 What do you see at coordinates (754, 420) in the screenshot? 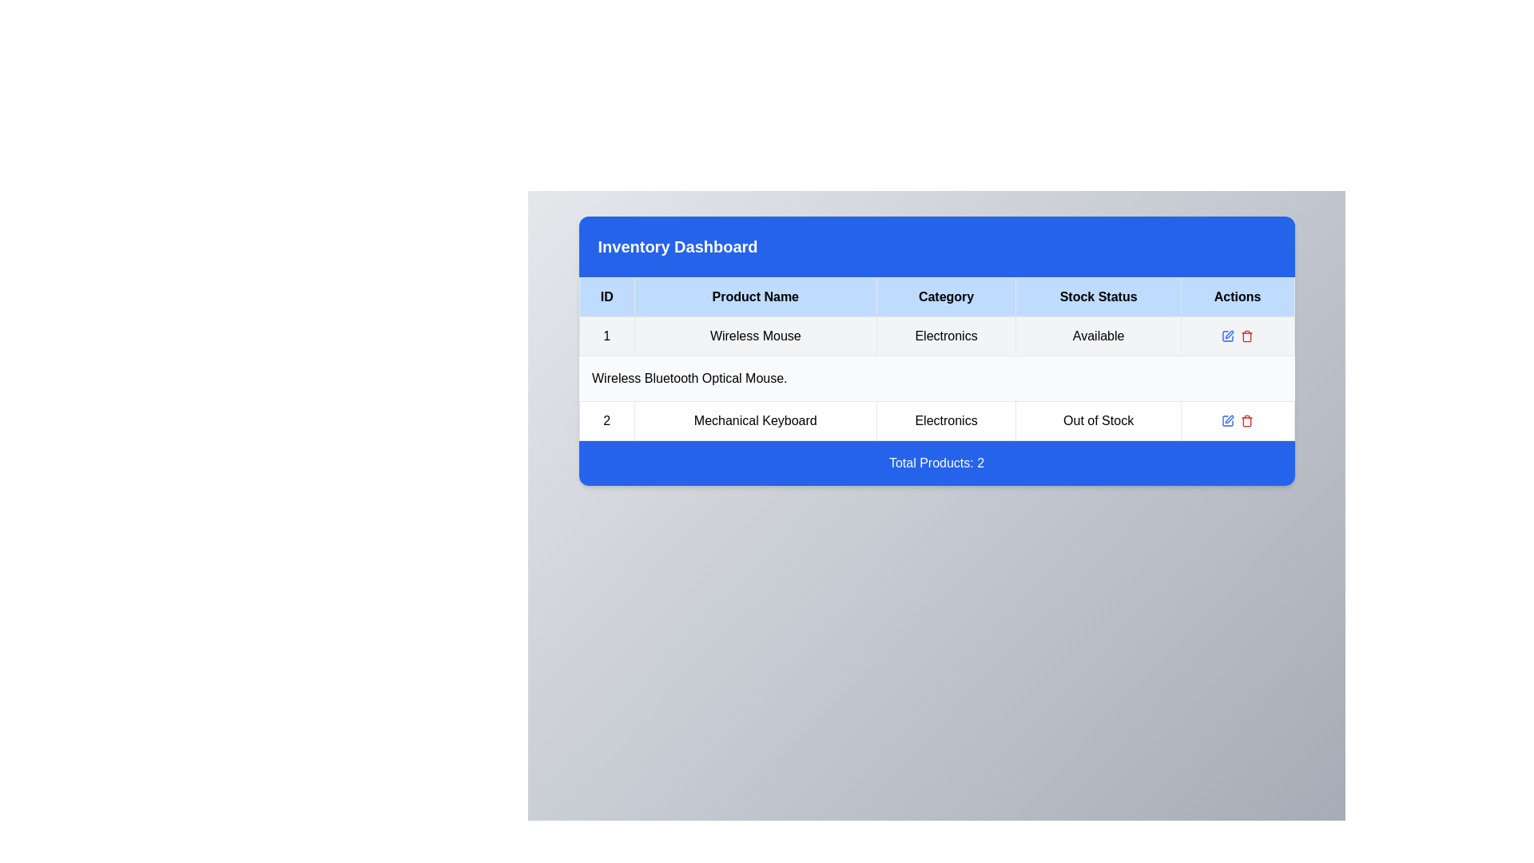
I see `the static text label displaying the product name 'Mechanical Keyboard' in the second row of the table under the 'Product Name' column` at bounding box center [754, 420].